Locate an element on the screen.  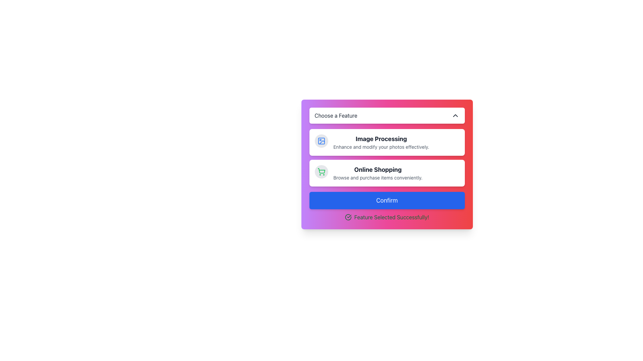
the green shopping cart's main compartment icon, which is part of the overall shopping cart icon located in the bottom-right corner of the interface is located at coordinates (321, 170).